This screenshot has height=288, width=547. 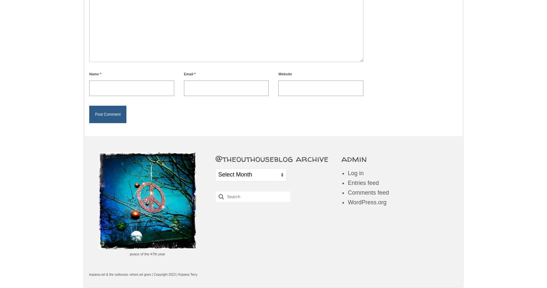 I want to click on '@theouthouseblog archive', so click(x=272, y=158).